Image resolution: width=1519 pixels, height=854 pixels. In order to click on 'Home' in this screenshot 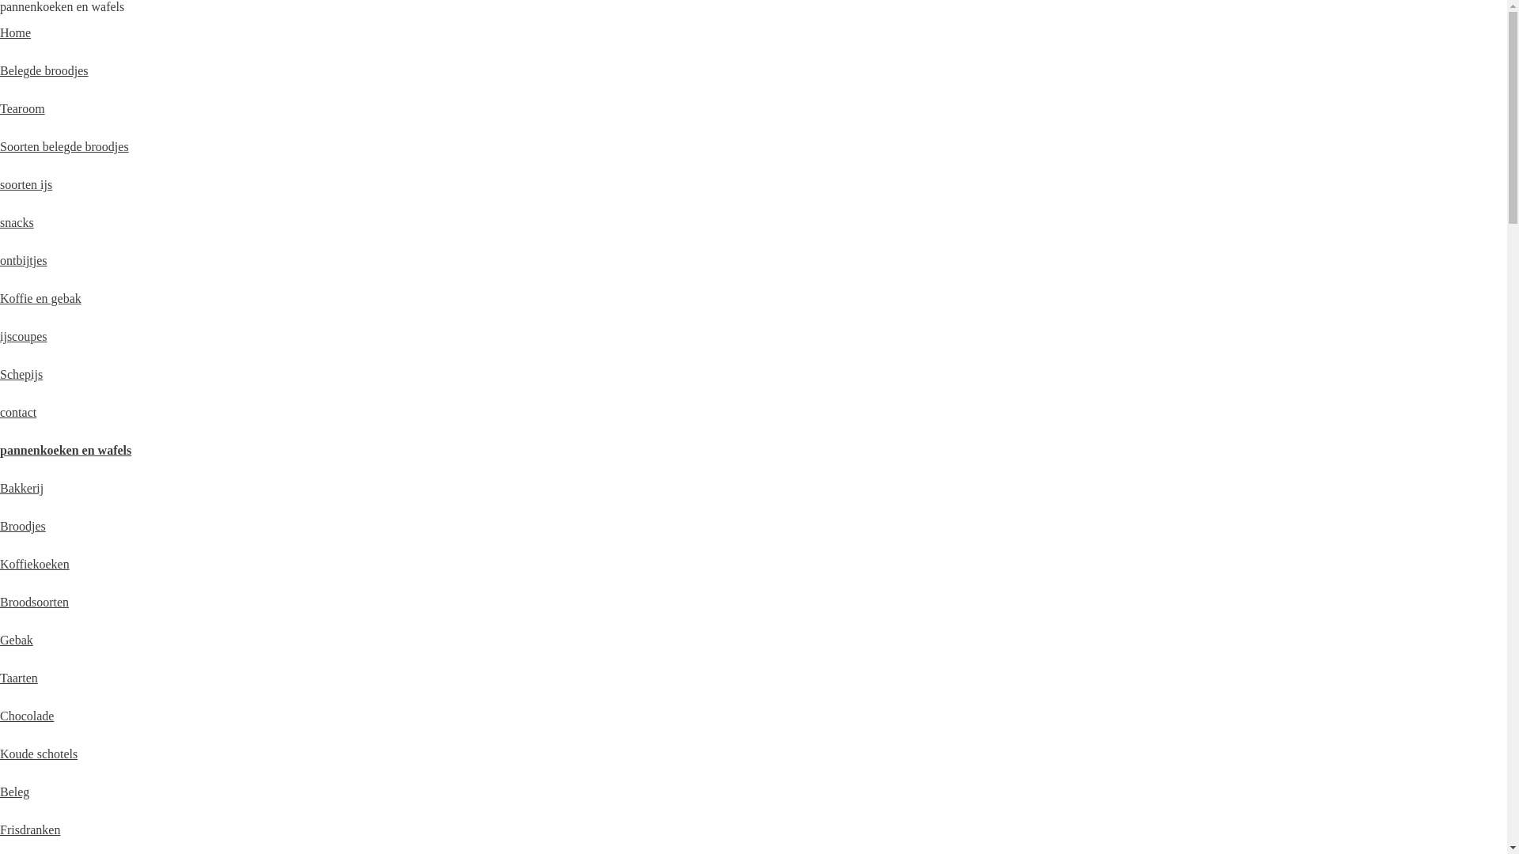, I will do `click(15, 32)`.